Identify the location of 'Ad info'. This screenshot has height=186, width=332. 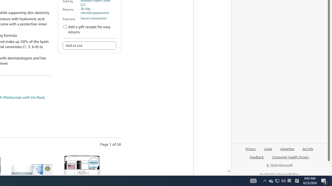
(308, 151).